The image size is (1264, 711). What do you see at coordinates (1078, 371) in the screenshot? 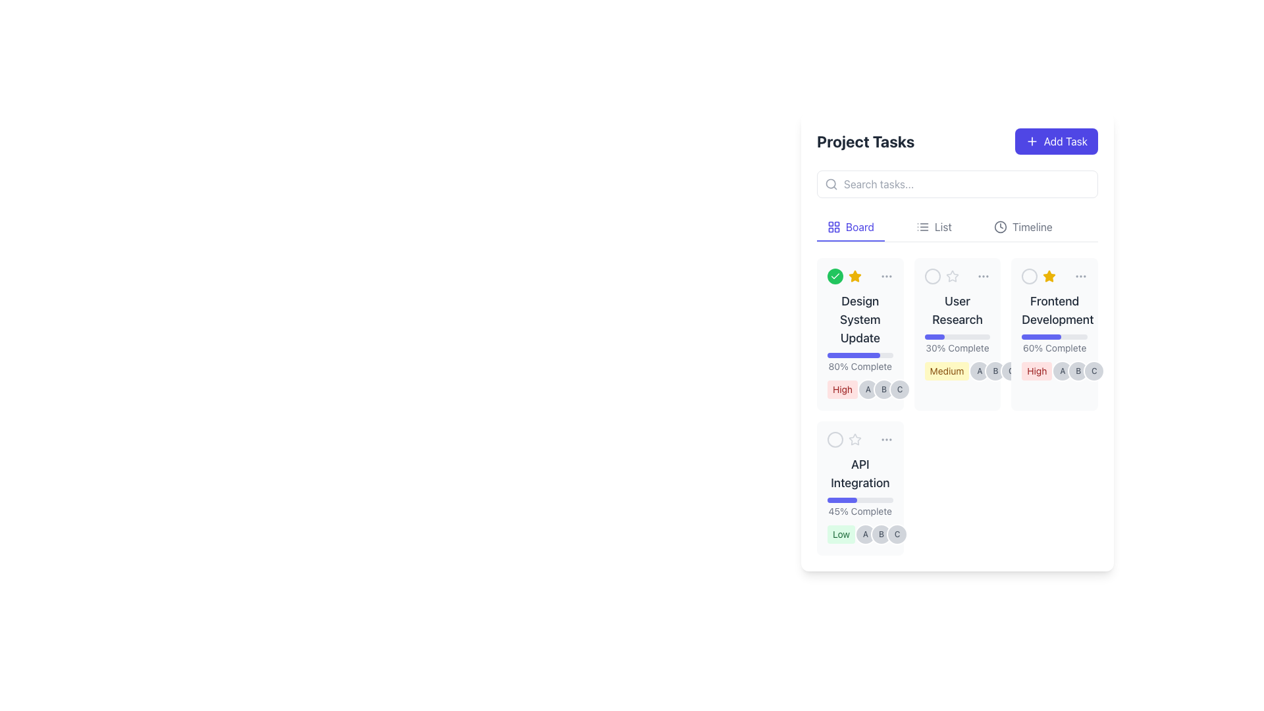
I see `the second circular avatar representing the letter 'B', located below the 'Frontend Development' text in the 'Project Tasks' interface` at bounding box center [1078, 371].